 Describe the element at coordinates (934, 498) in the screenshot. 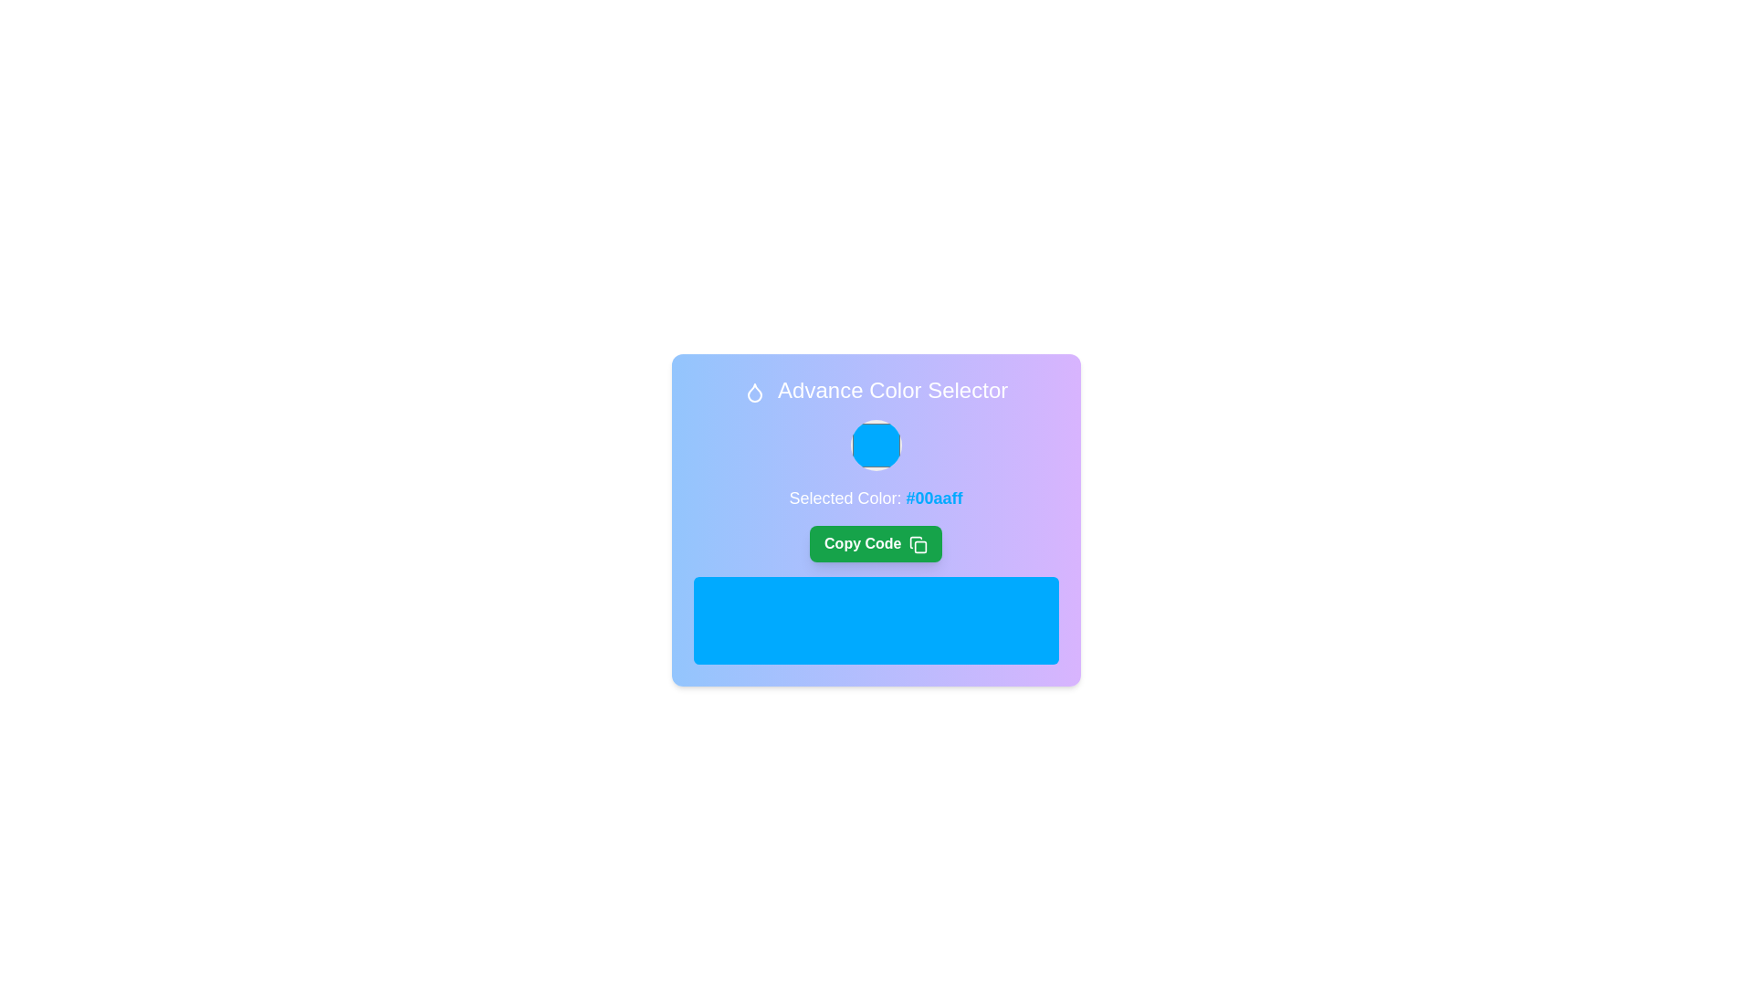

I see `the text label displaying the color code '#00aaff', which is styled in bold blue and is part of the sentence 'Selected Color: #00aaff'` at that location.